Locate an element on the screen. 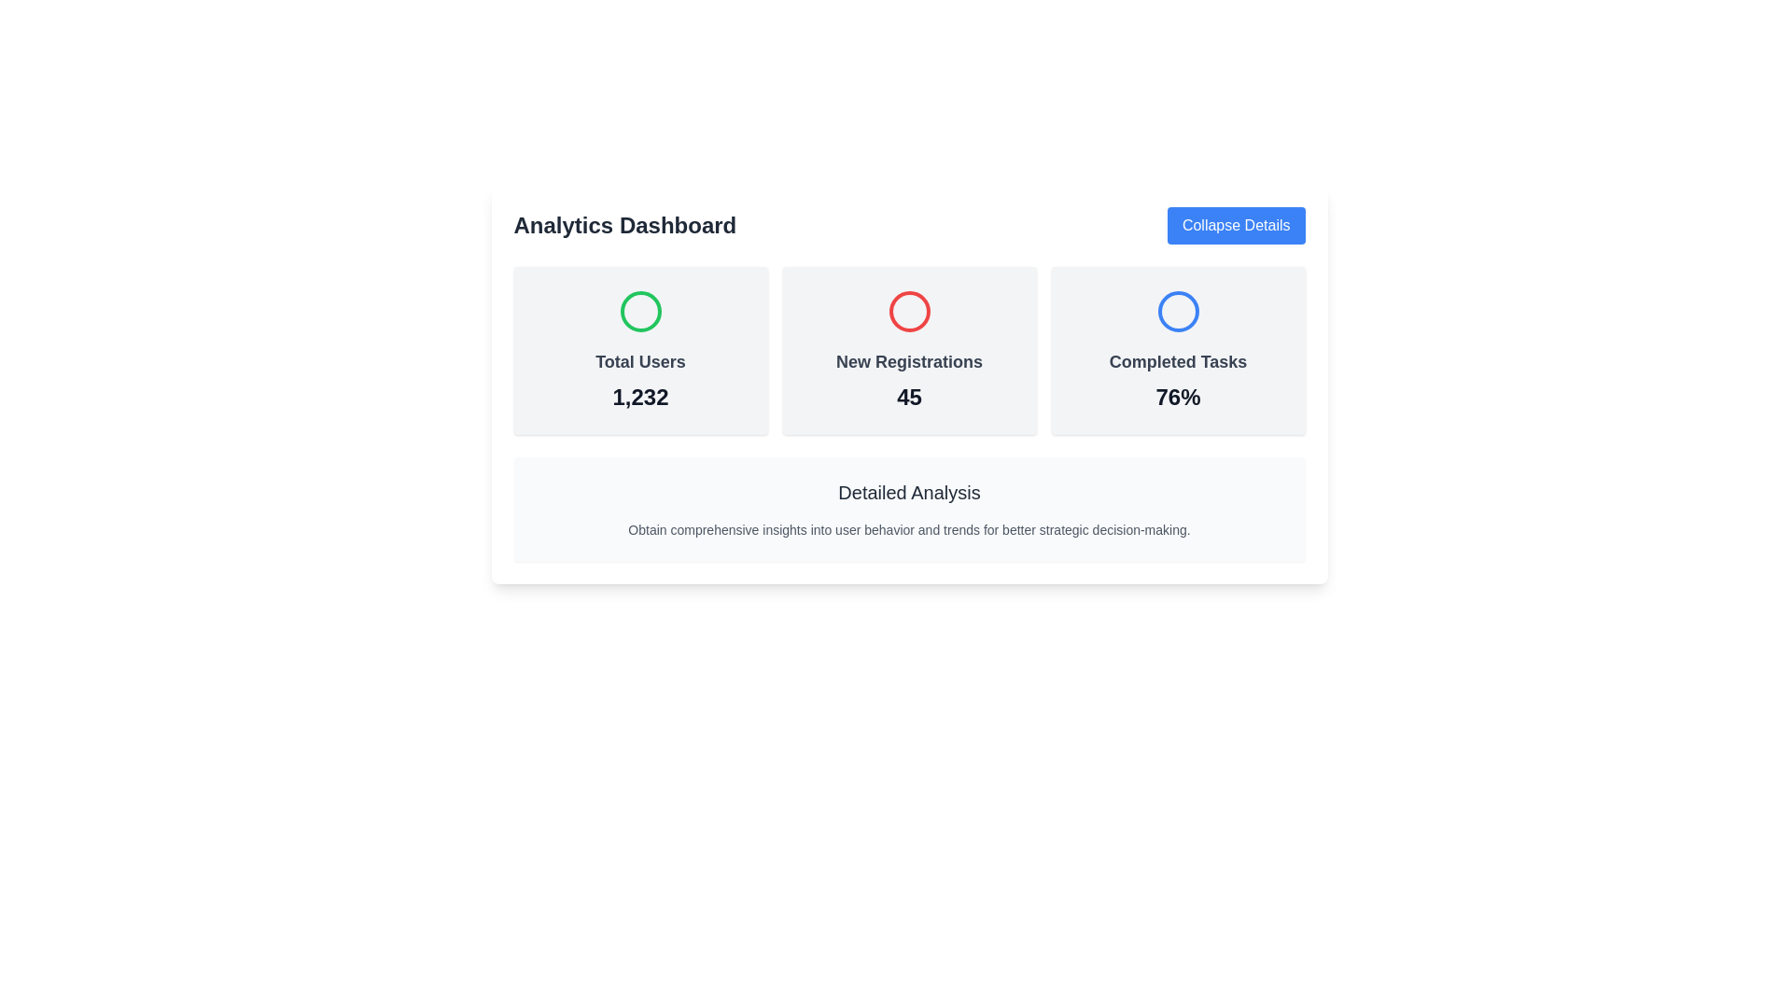 This screenshot has width=1792, height=1008. the total number of users displayed in the summary value, located within the card layout below the 'Total Users' text is located at coordinates (640, 396).